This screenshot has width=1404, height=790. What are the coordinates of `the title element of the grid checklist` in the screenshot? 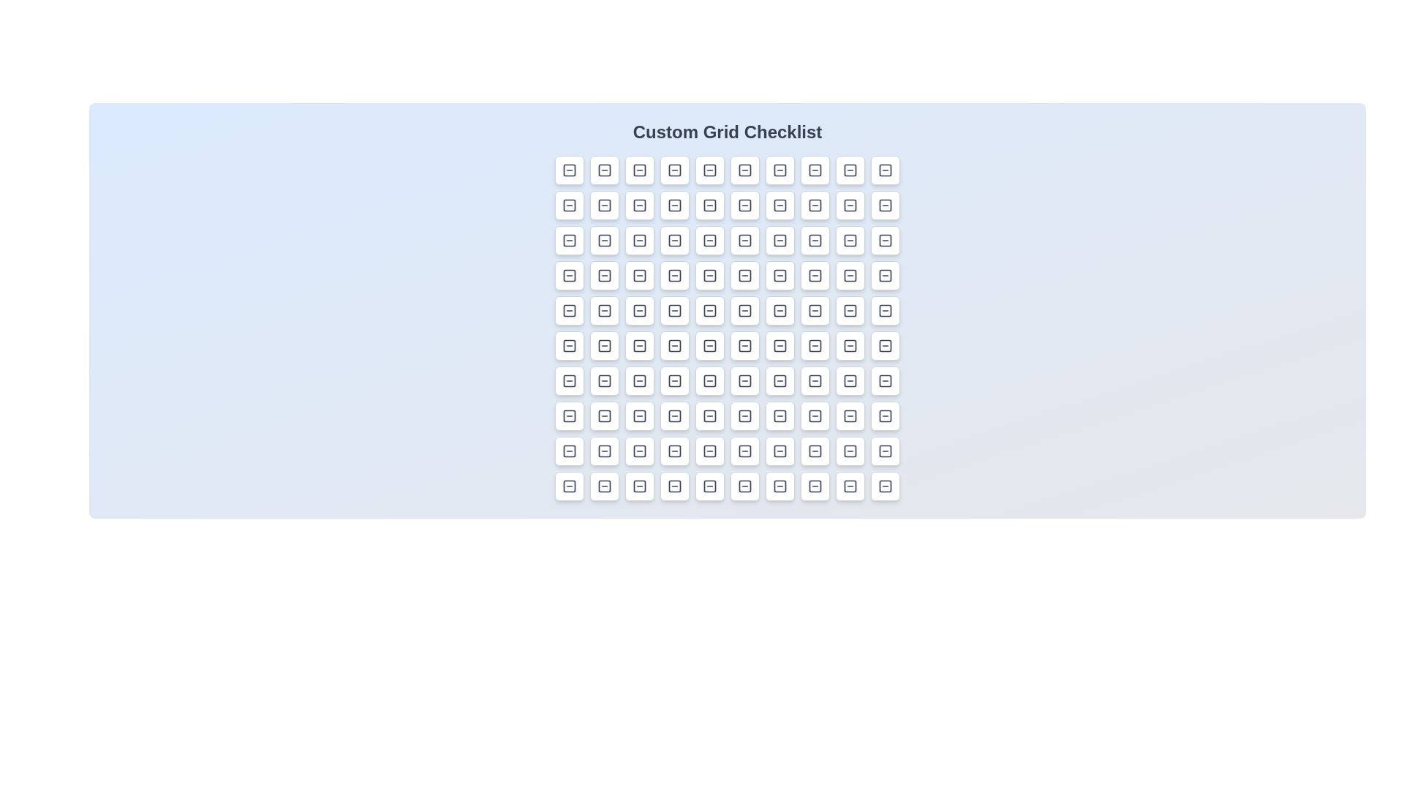 It's located at (727, 132).